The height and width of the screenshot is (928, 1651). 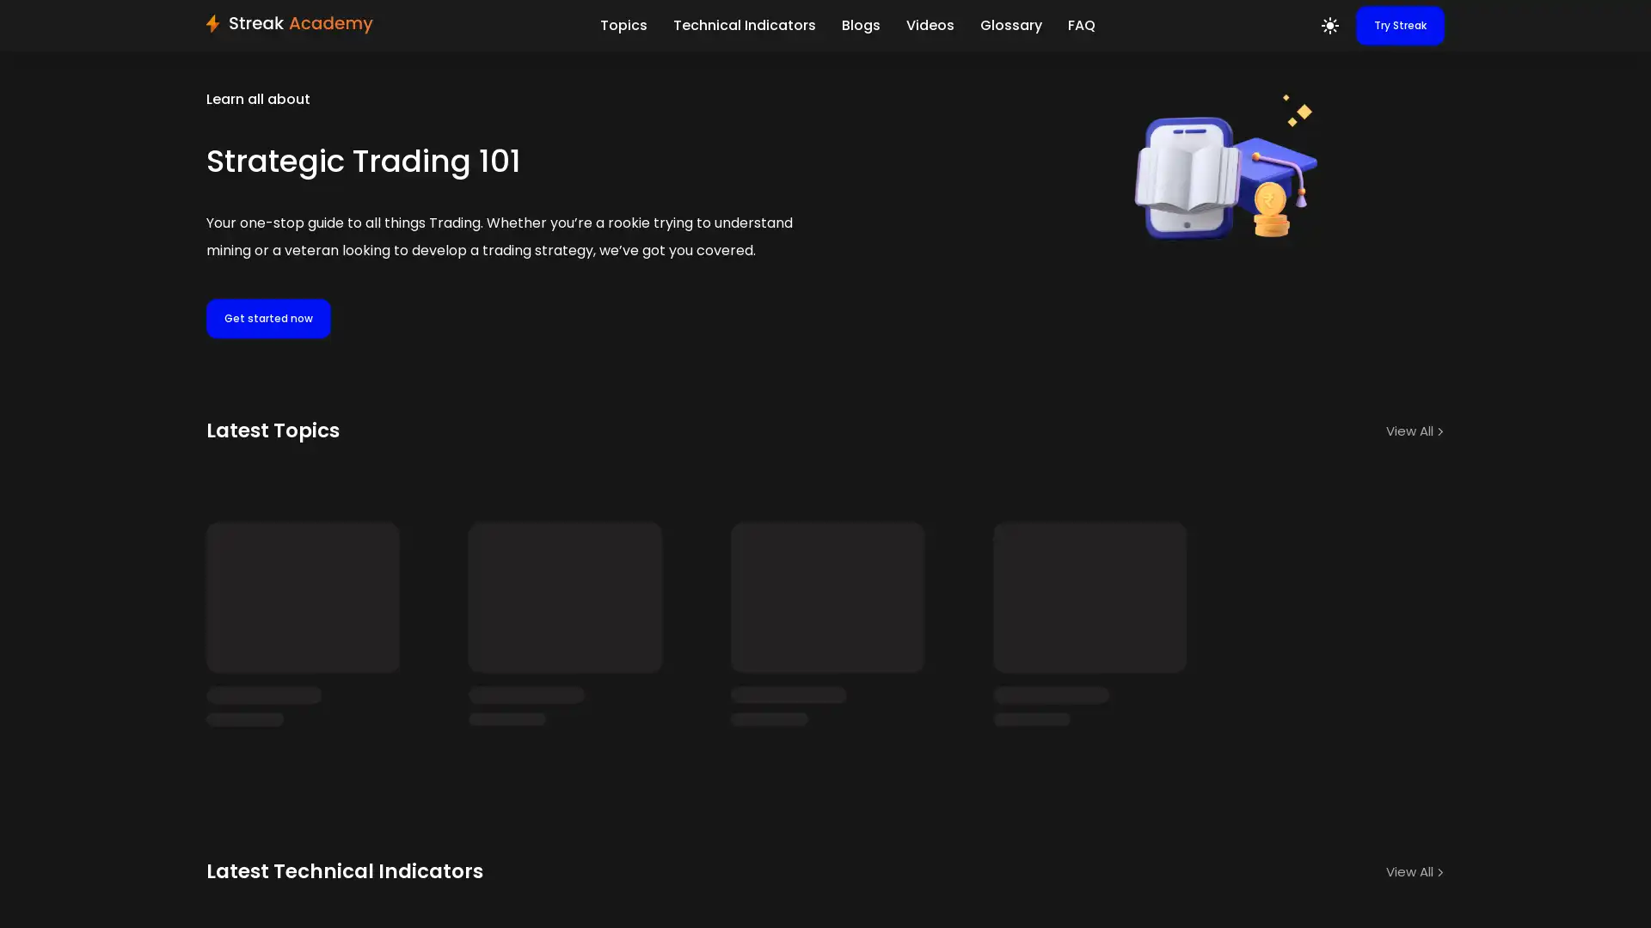 I want to click on FAQ, so click(x=1080, y=26).